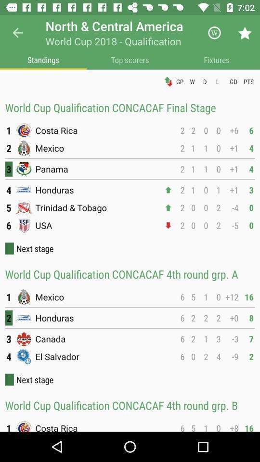 The width and height of the screenshot is (260, 462). What do you see at coordinates (130, 59) in the screenshot?
I see `item next to standings` at bounding box center [130, 59].